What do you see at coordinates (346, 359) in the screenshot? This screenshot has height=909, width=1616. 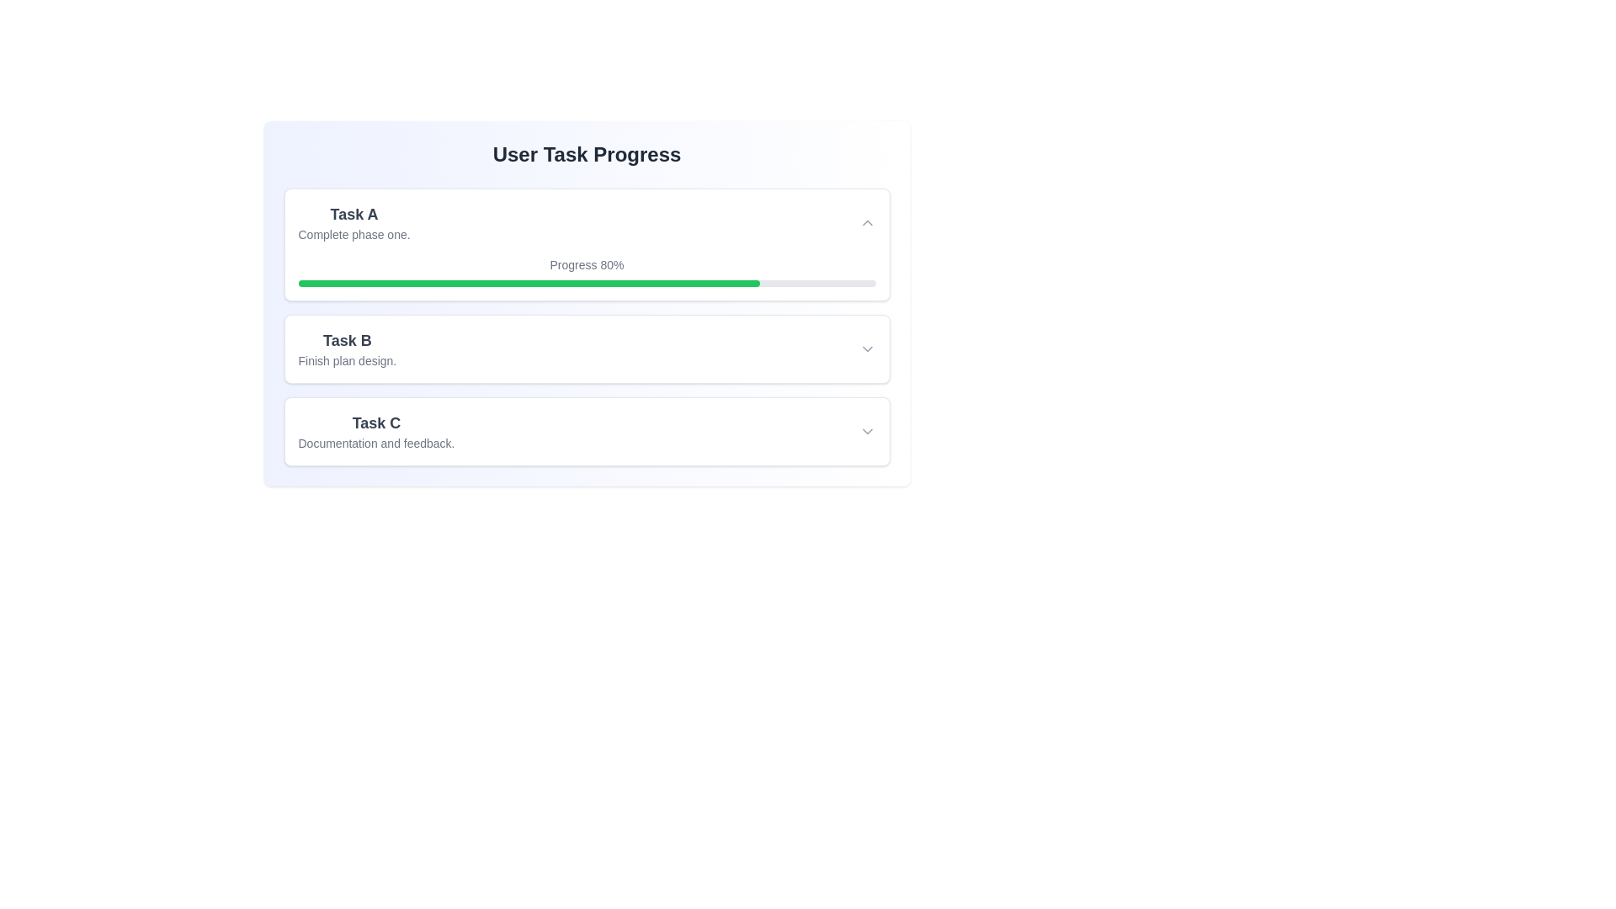 I see `the static text label element displaying 'Finish plan design.' which is styled in gray color and positioned beneath the 'Task B' label within the task card structure` at bounding box center [346, 359].